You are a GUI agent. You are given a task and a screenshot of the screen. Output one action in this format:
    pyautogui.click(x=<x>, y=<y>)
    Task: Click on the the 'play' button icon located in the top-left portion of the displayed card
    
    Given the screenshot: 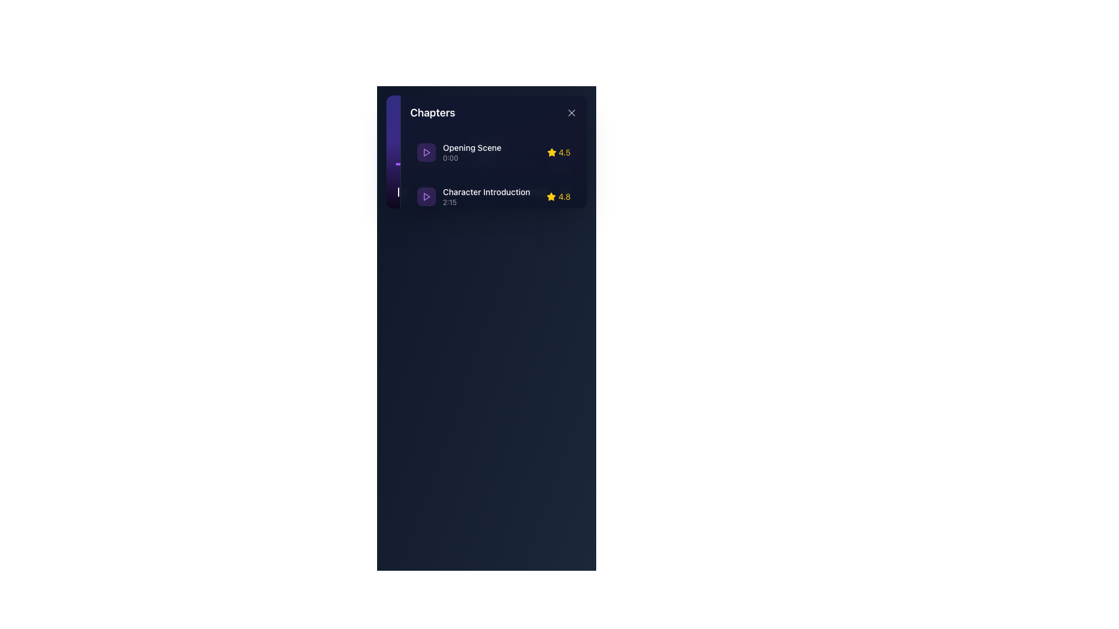 What is the action you would take?
    pyautogui.click(x=425, y=152)
    